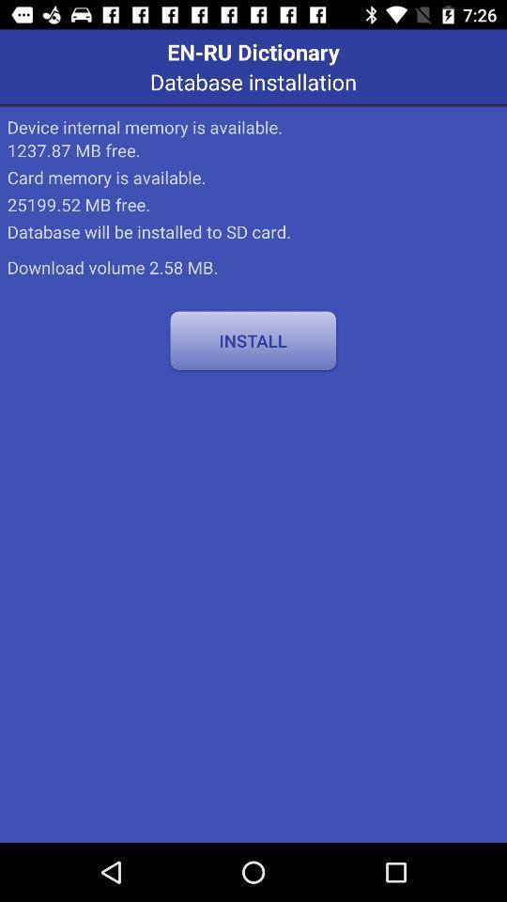  Describe the element at coordinates (253, 339) in the screenshot. I see `the item below the download volume 2 item` at that location.